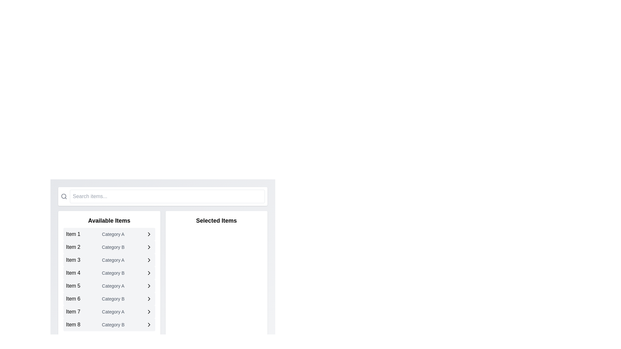 Image resolution: width=621 pixels, height=349 pixels. Describe the element at coordinates (149, 285) in the screenshot. I see `the right arrow icon located beside 'Item 5' in the 'Available Items' list to interact with it` at that location.